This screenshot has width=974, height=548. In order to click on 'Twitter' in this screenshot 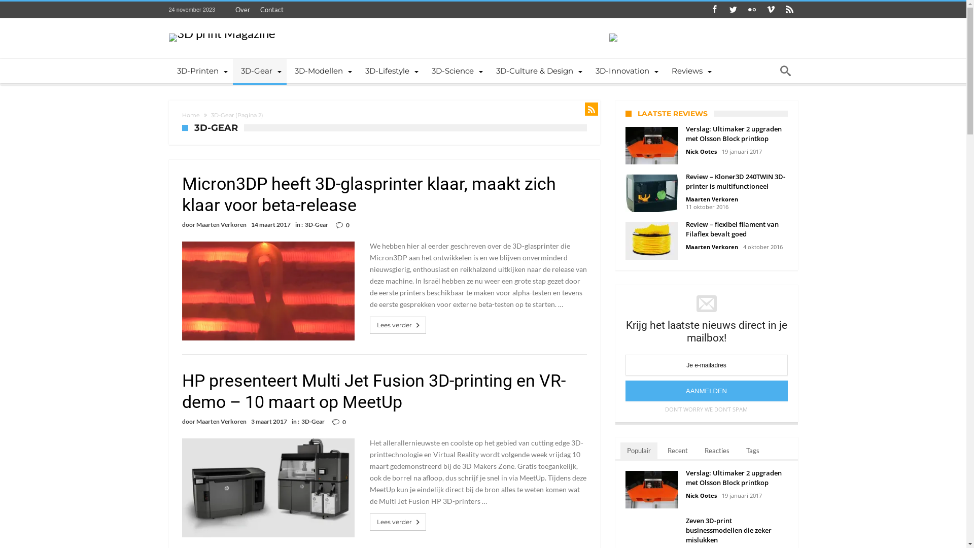, I will do `click(733, 10)`.